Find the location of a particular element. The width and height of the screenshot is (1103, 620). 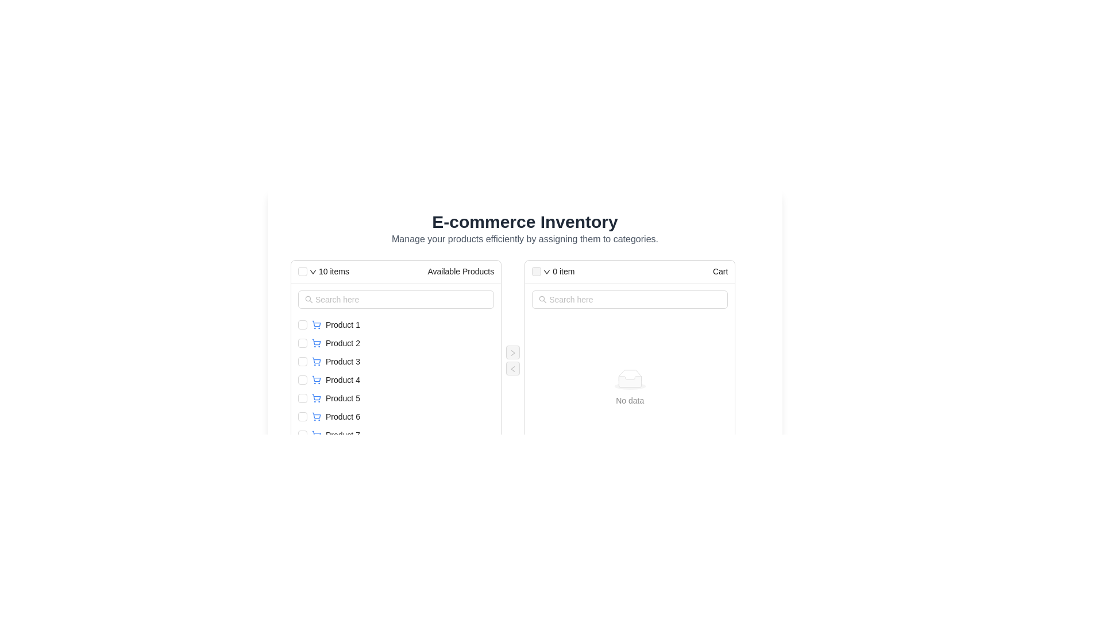

the magnifying glass icon representing the search feature located within the search bar area in the 'Cart' section, positioned on the right side of the user interface is located at coordinates (542, 299).